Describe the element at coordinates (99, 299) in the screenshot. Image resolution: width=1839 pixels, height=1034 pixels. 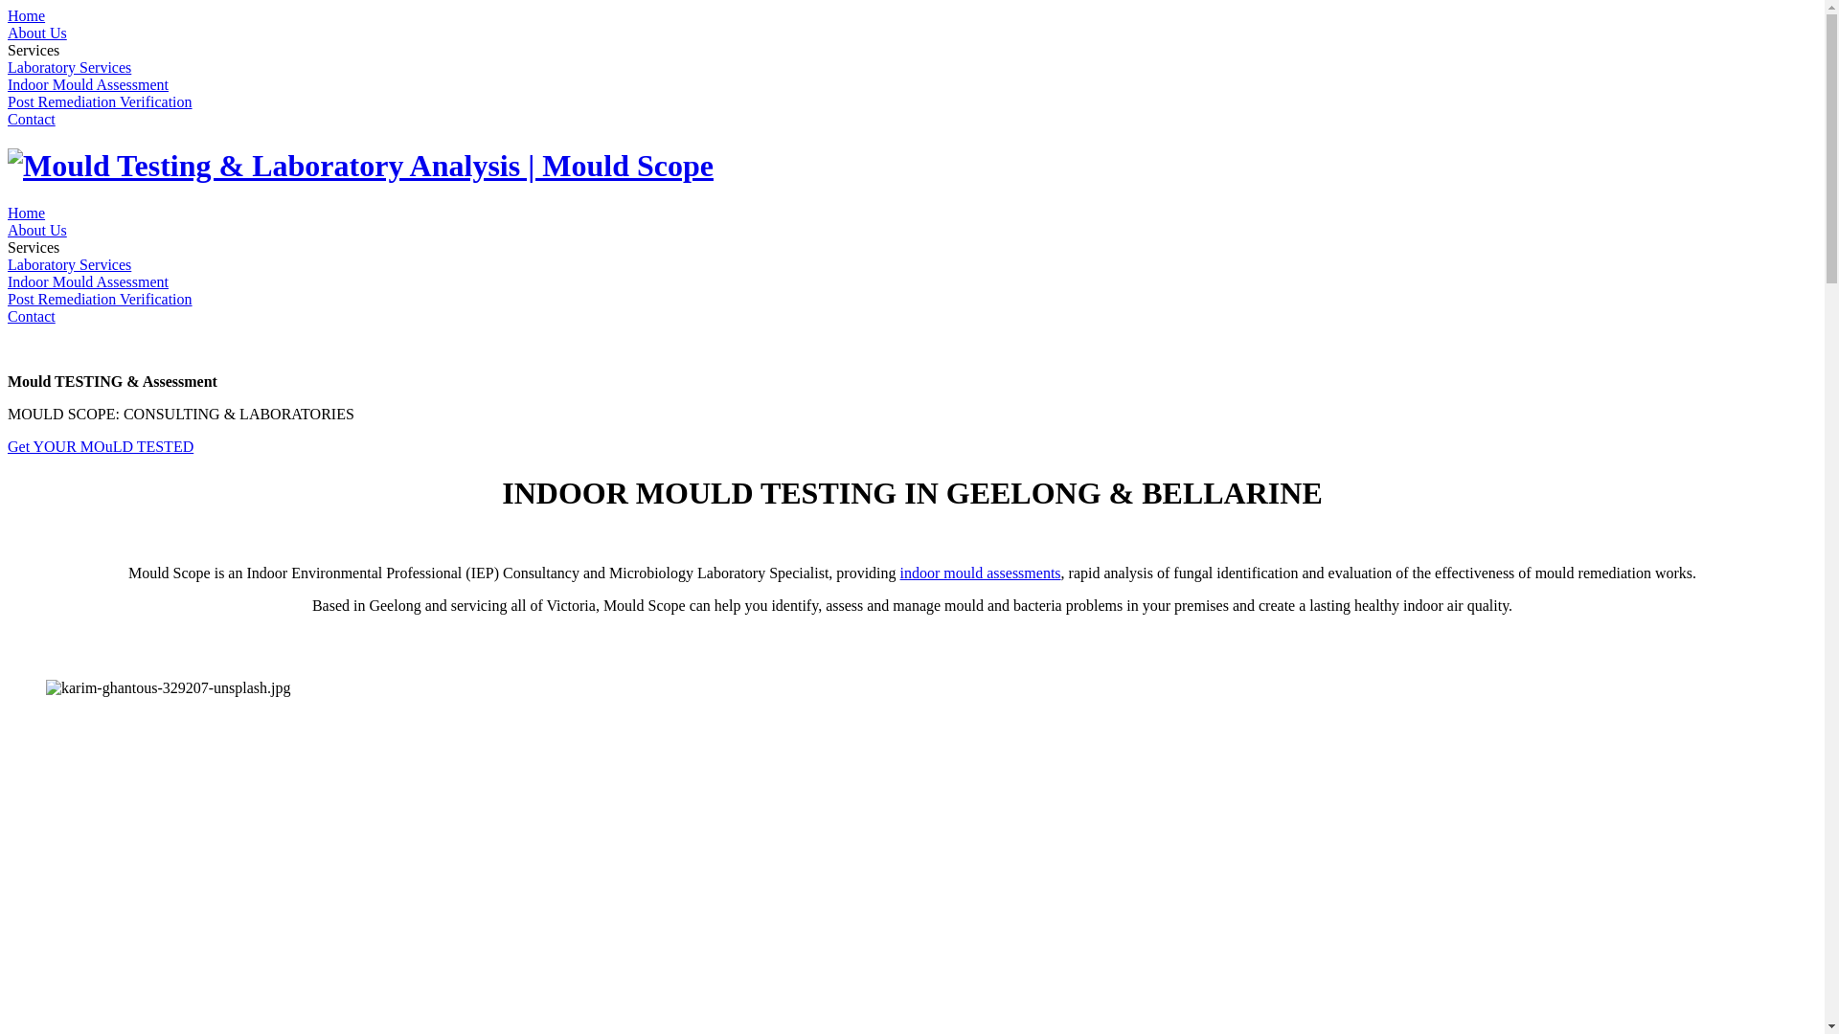
I see `'Post Remediation Verification'` at that location.